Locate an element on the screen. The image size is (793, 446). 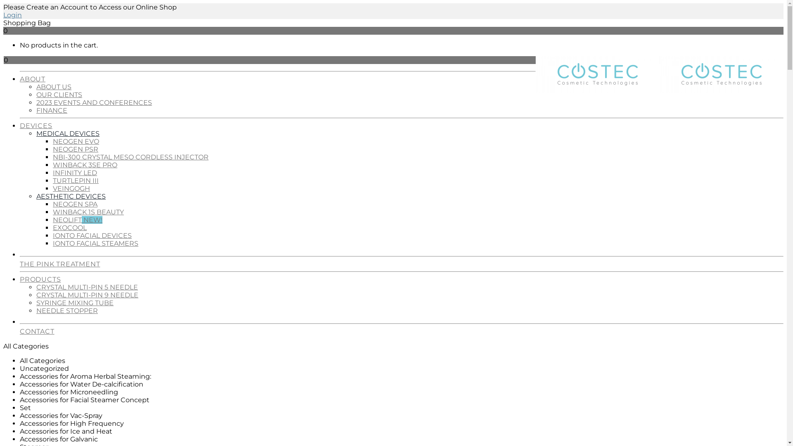
'NEOGEN PSR' is located at coordinates (75, 149).